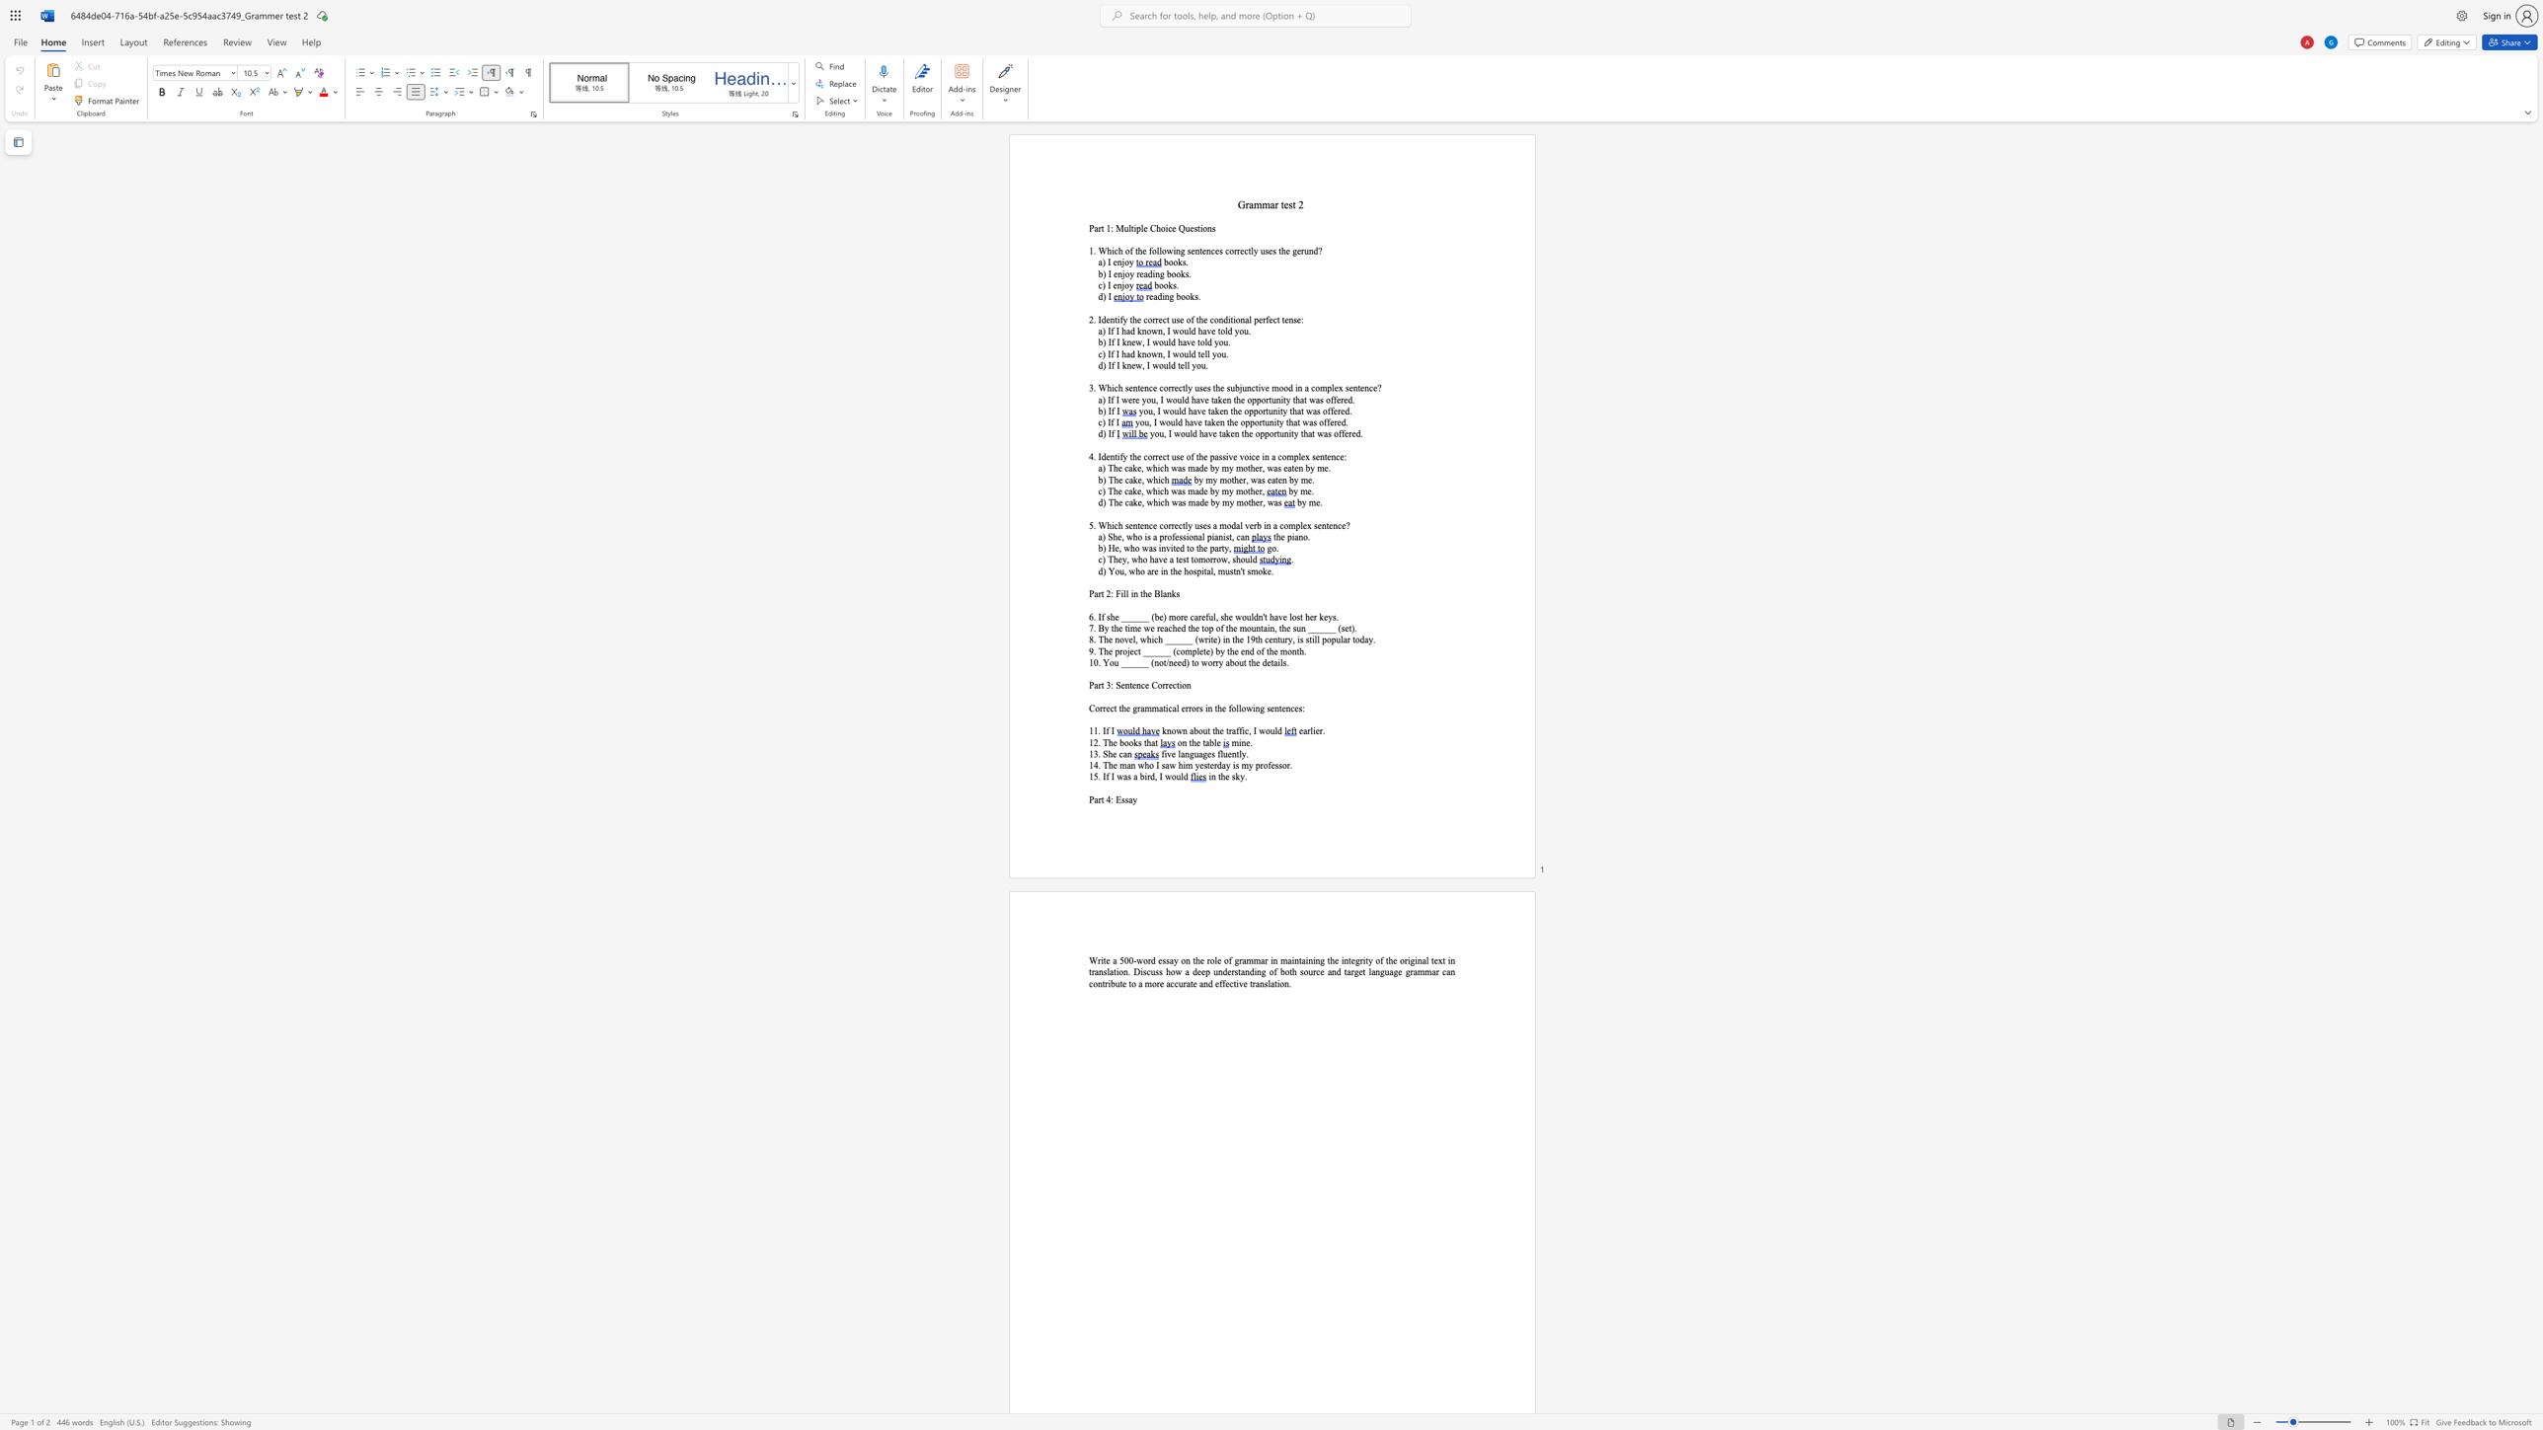 Image resolution: width=2543 pixels, height=1430 pixels. I want to click on the space between the continuous character "d" and "e" in the text, so click(1203, 501).